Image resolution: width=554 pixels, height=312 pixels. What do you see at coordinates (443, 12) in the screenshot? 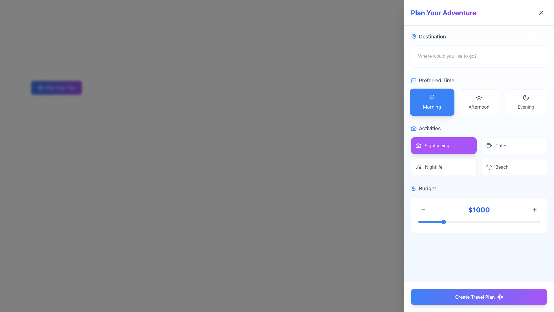
I see `heading text that establishes the theme of planning an adventure, located at the top of the right pane, first among its siblings before a button and icon` at bounding box center [443, 12].